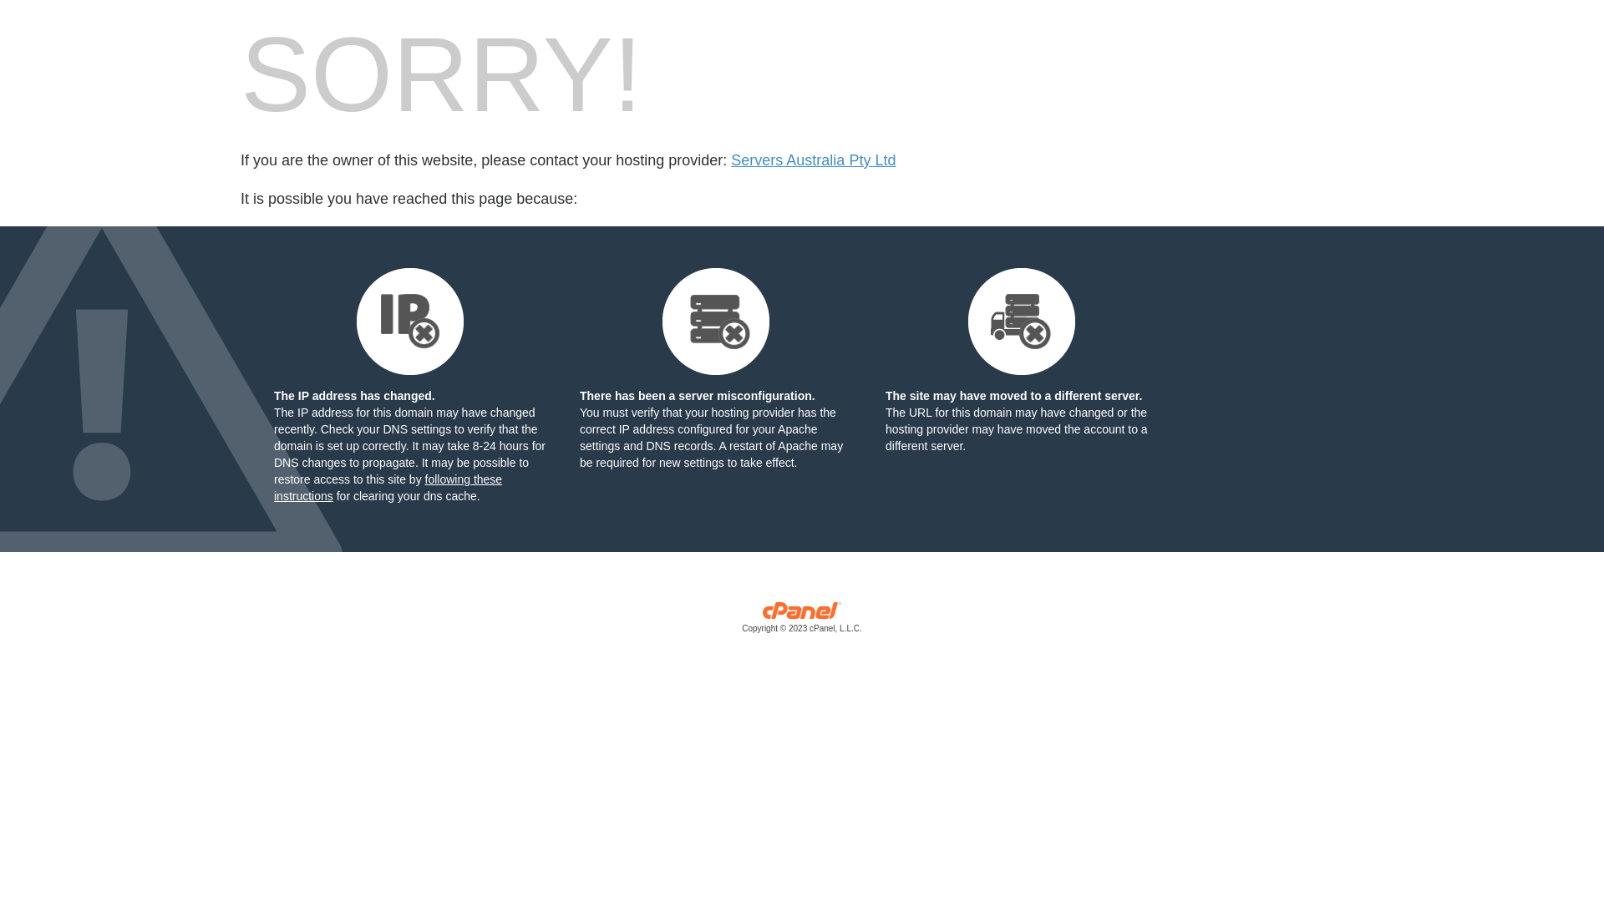 This screenshot has width=1604, height=902. Describe the element at coordinates (813, 160) in the screenshot. I see `'Servers Australia Pty Ltd'` at that location.